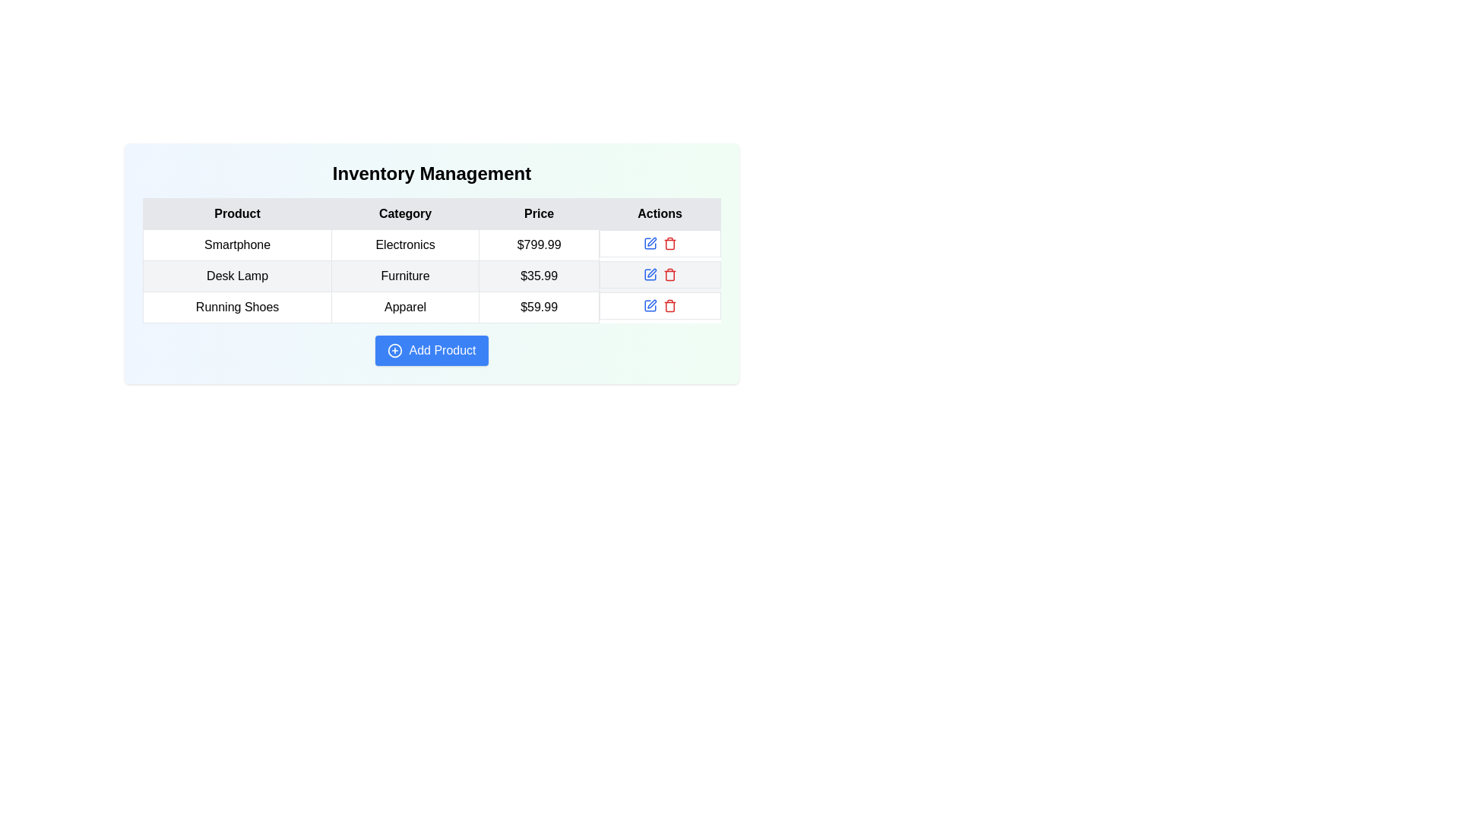 This screenshot has width=1459, height=820. Describe the element at coordinates (669, 242) in the screenshot. I see `the red trash bin icon located in the actions column of the first row in the table` at that location.